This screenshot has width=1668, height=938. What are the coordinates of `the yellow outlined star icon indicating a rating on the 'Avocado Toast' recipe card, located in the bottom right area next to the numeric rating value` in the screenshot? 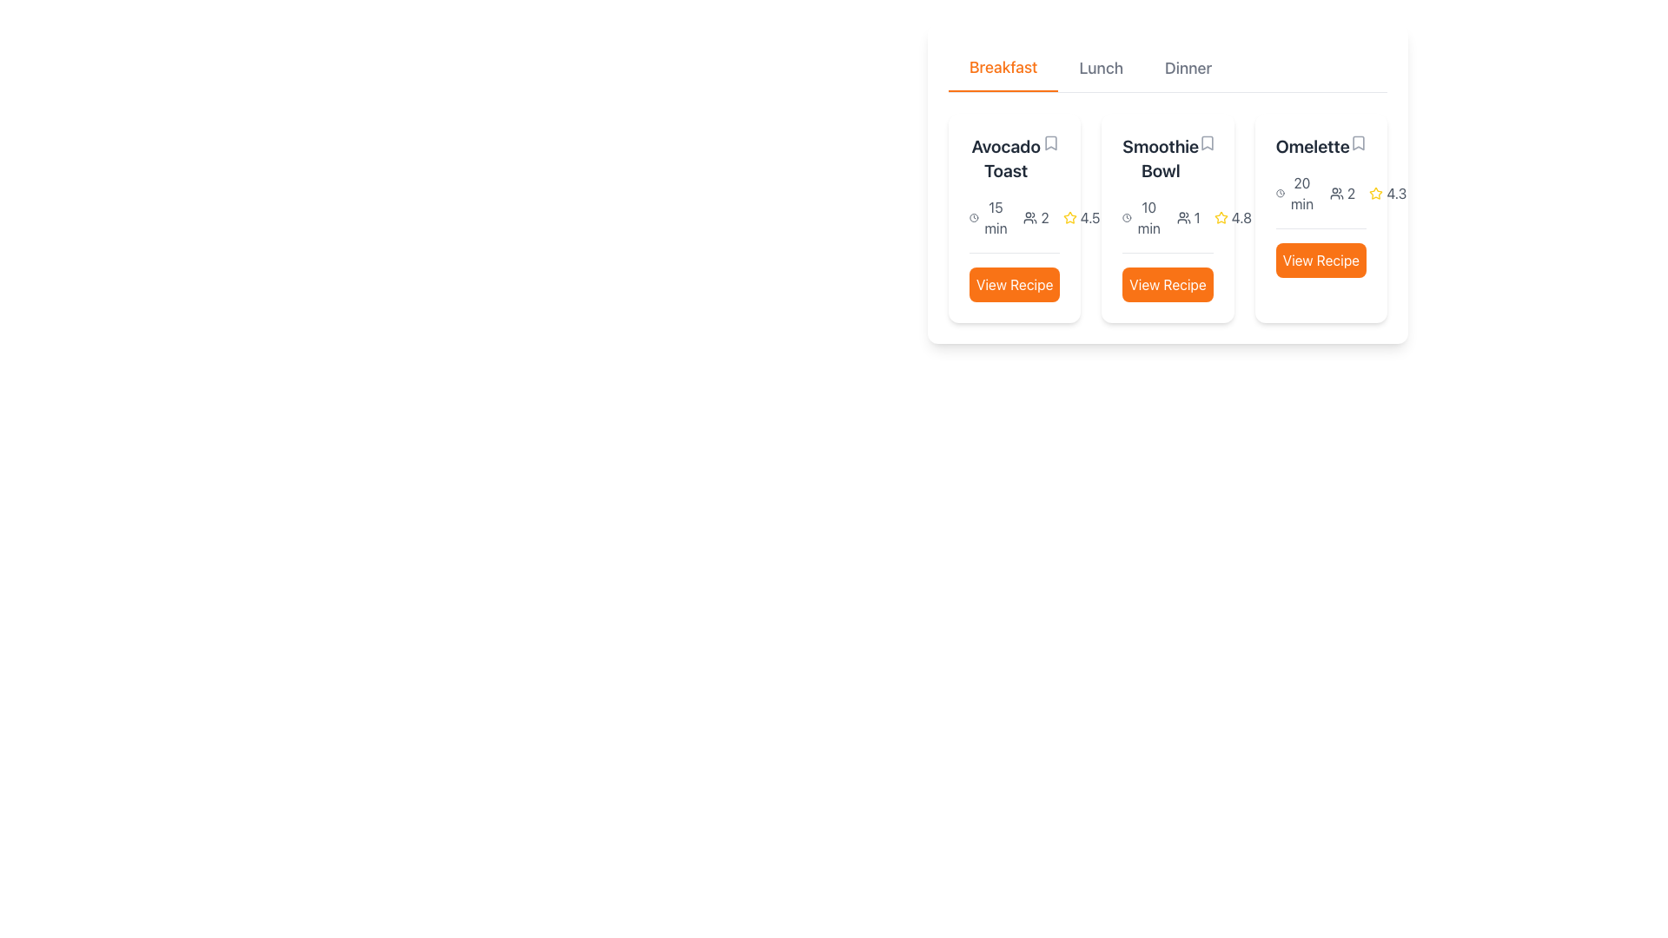 It's located at (1069, 216).